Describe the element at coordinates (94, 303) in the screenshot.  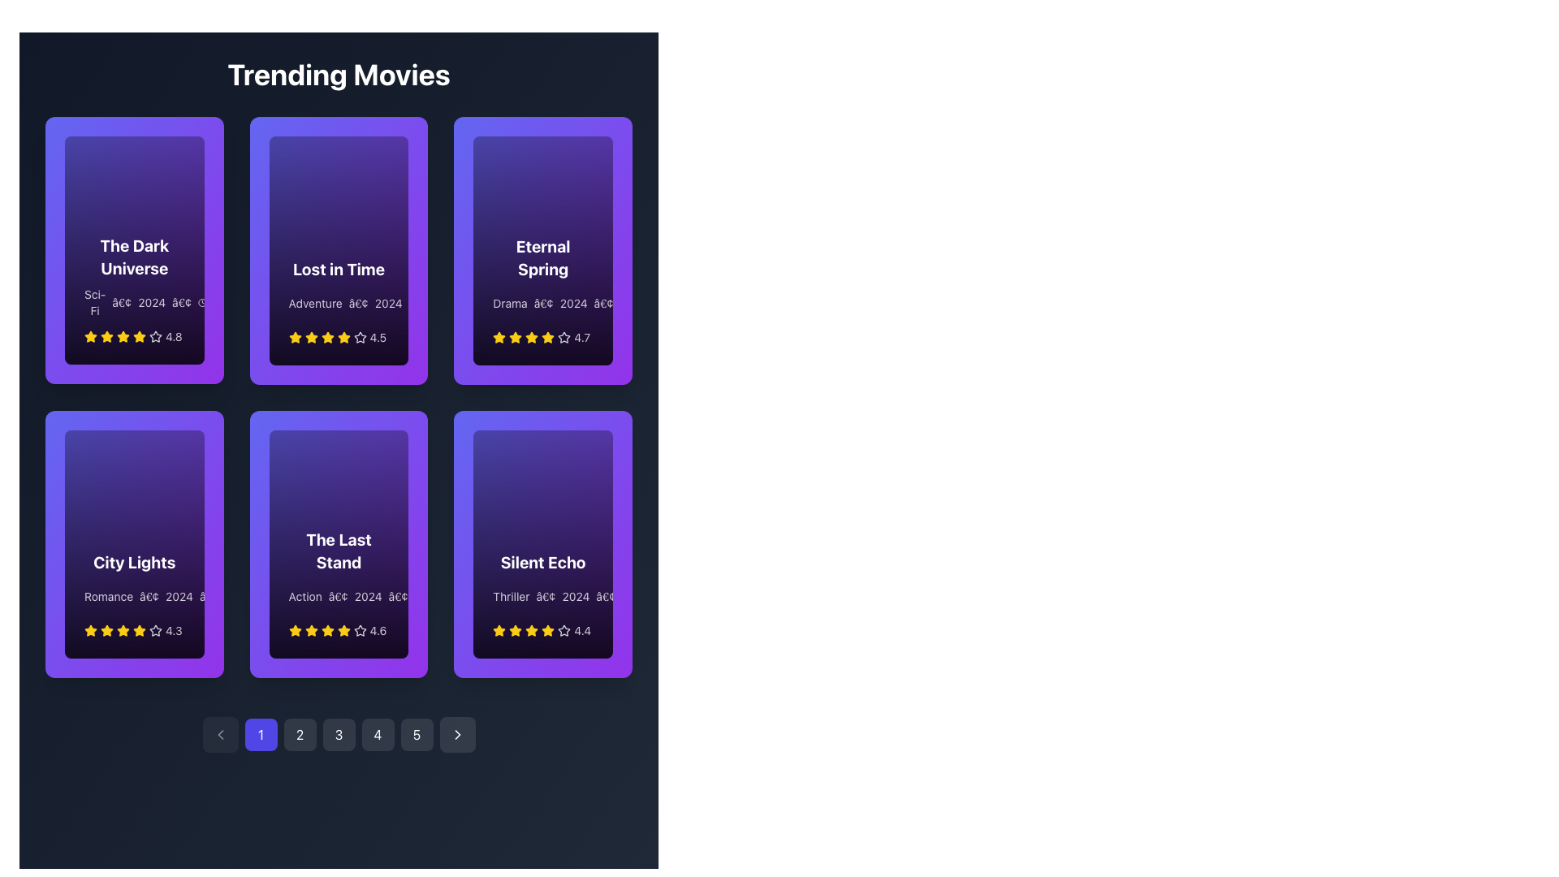
I see `the text label displaying 'Sci-Fi' in white, located within the purple-themed card at the top-left section of the interface` at that location.